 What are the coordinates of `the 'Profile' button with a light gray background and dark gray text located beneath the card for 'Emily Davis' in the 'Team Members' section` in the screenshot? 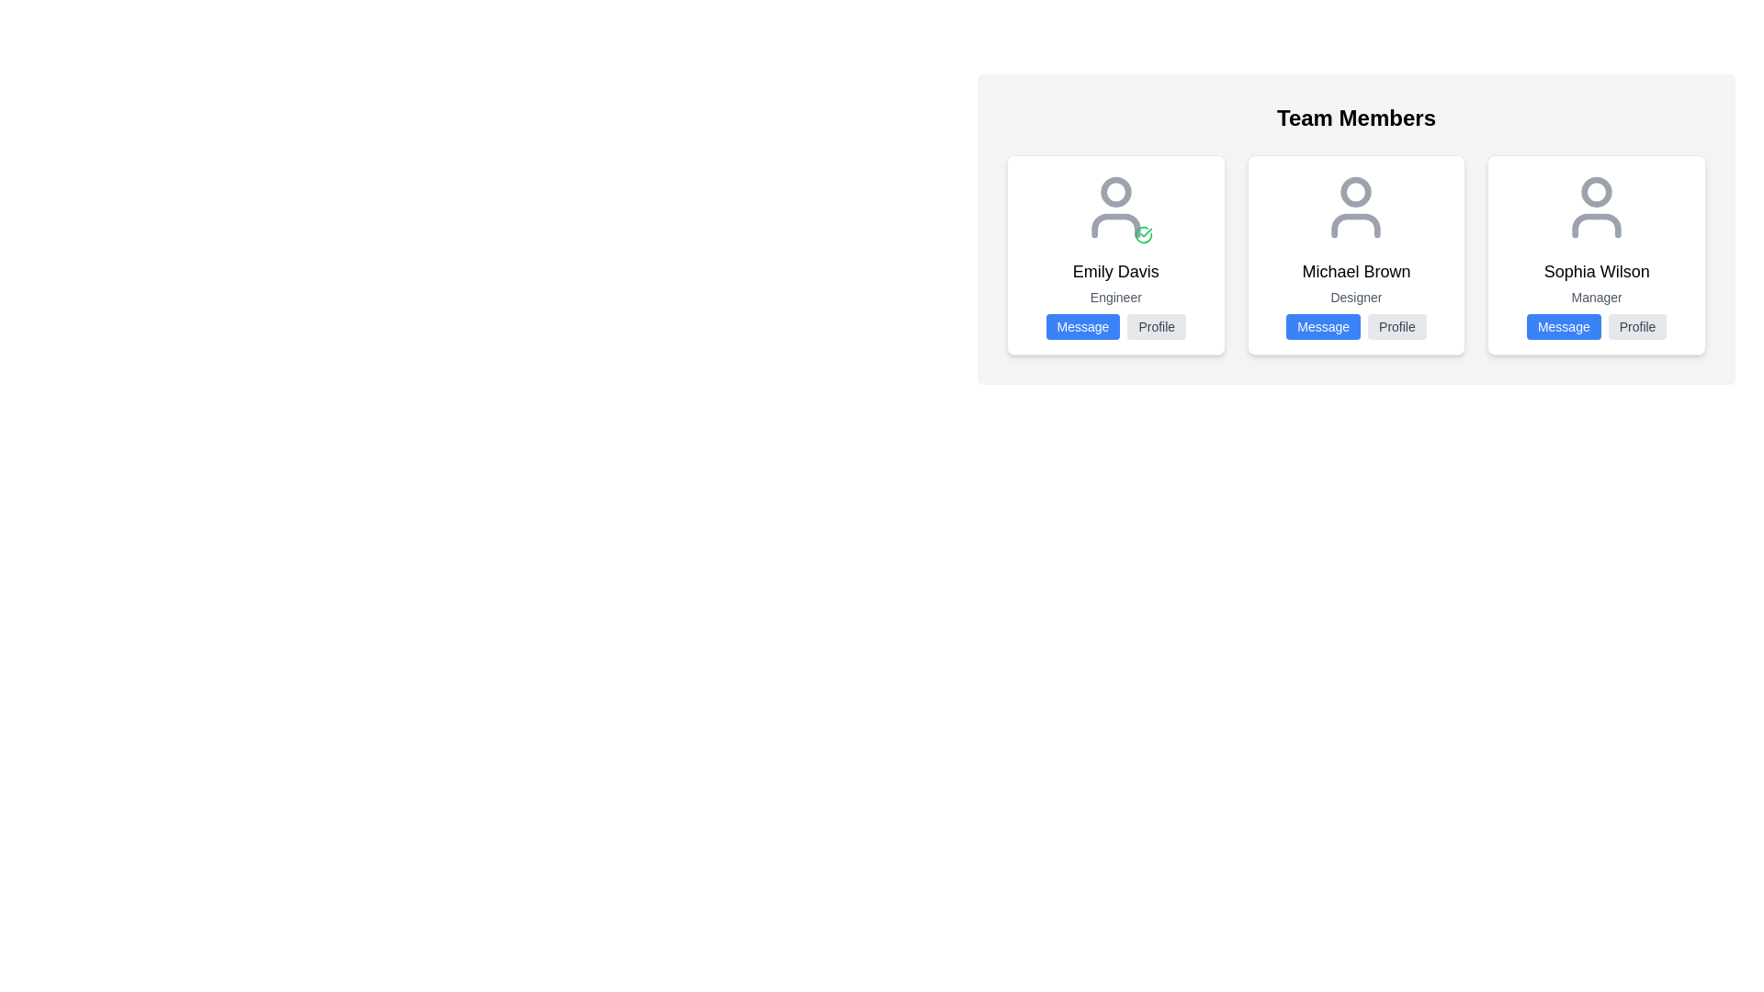 It's located at (1156, 325).